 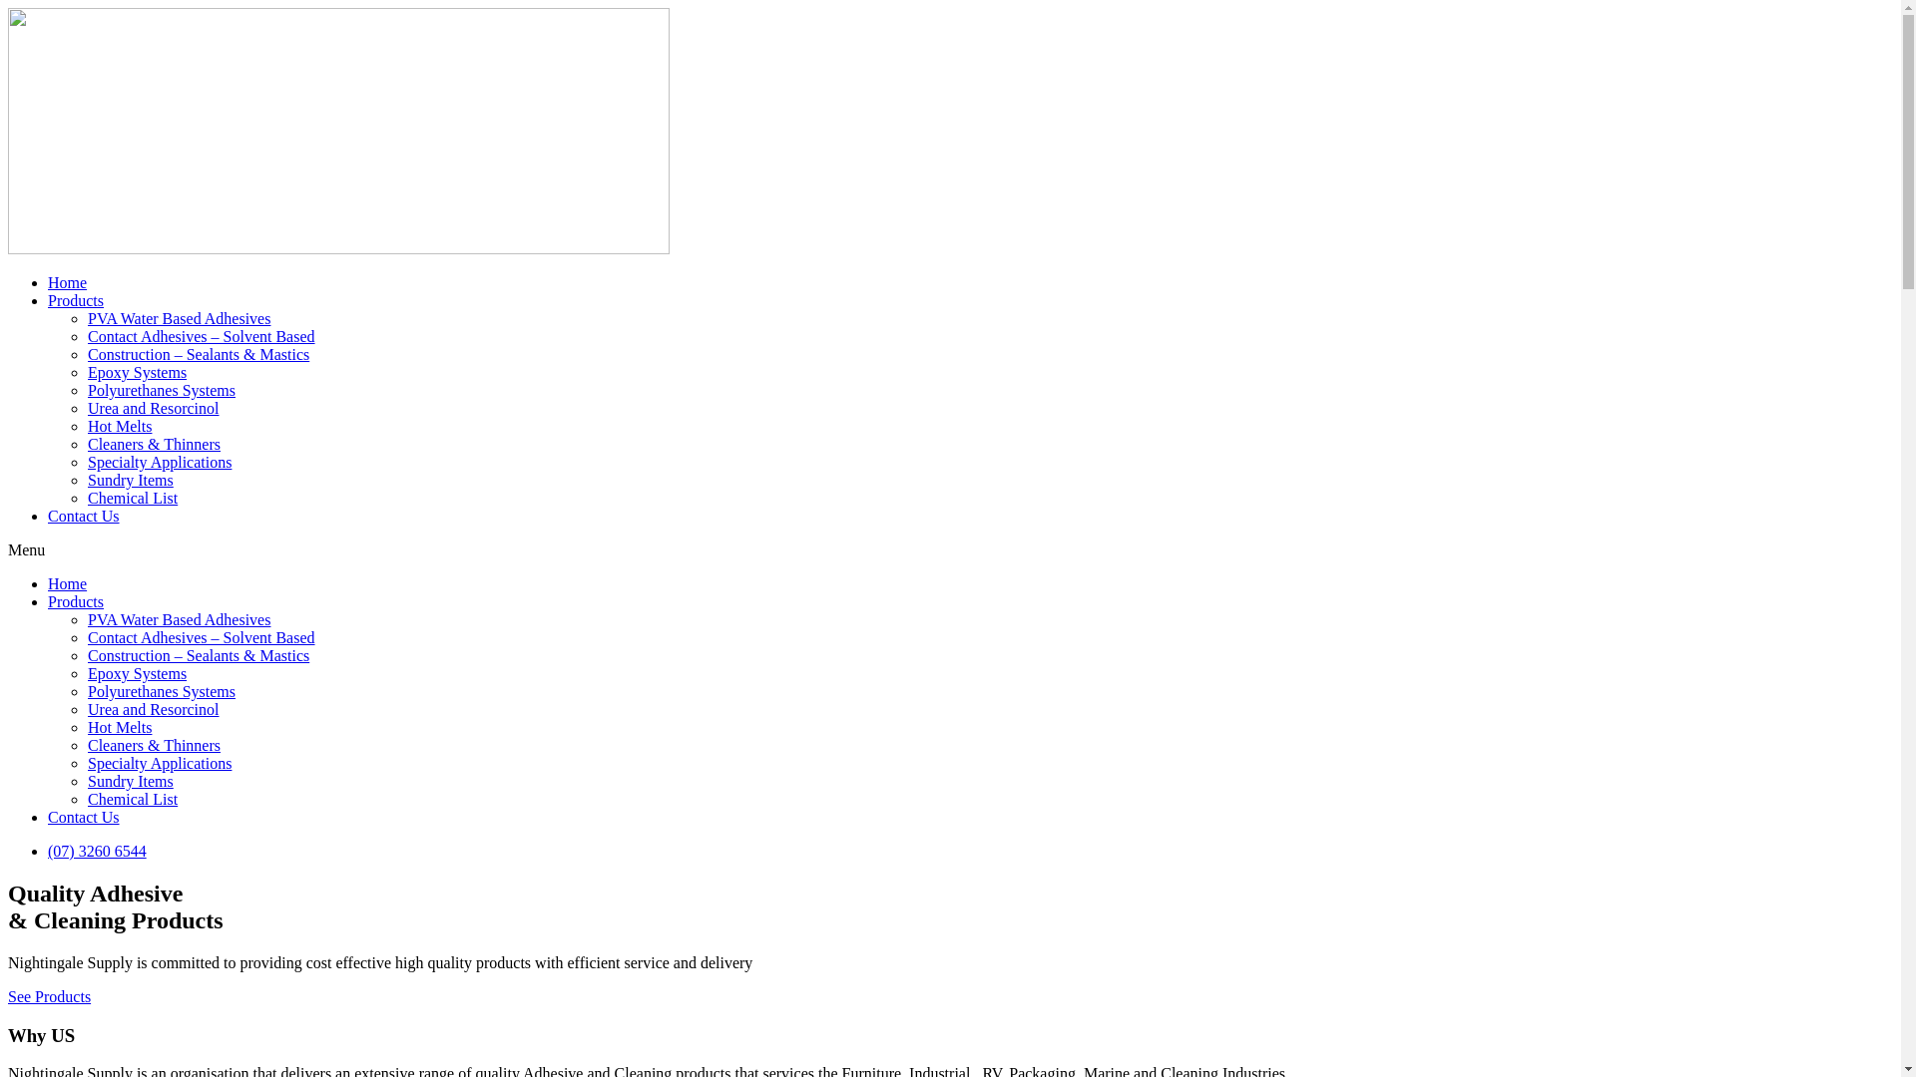 I want to click on 'Hot Melts', so click(x=86, y=727).